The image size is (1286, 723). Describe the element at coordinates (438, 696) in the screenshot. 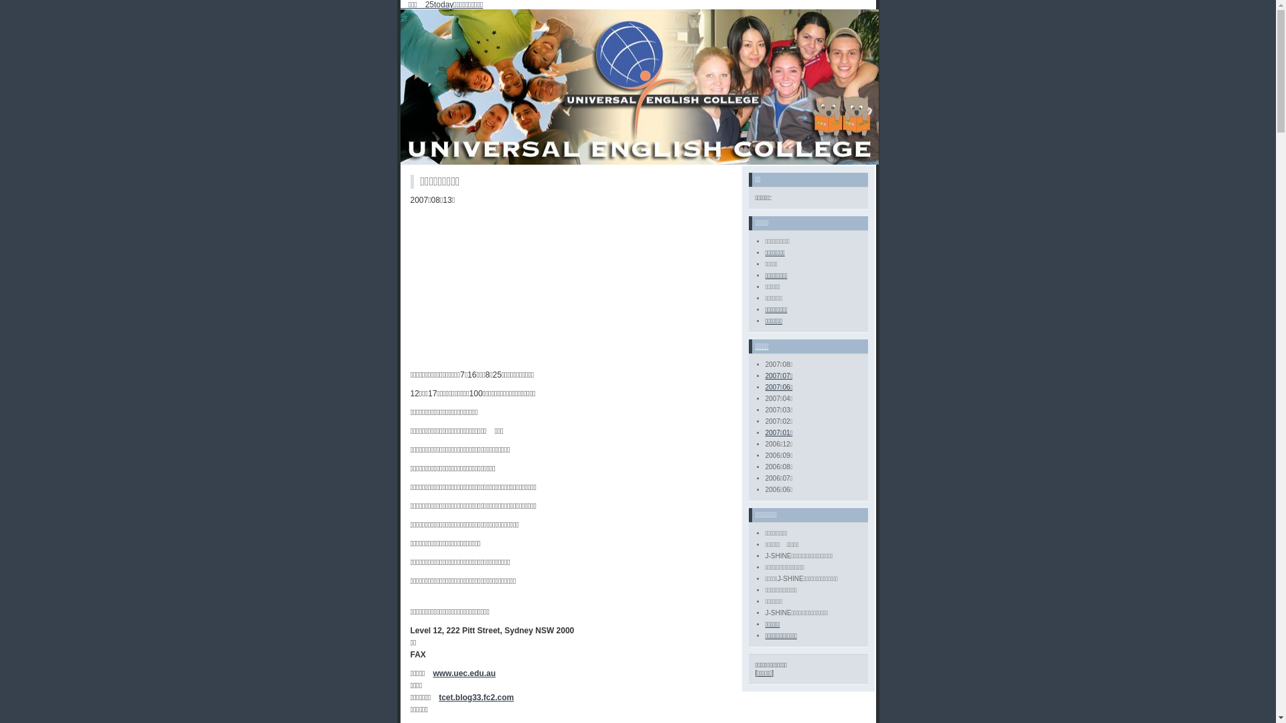

I see `'tcet.blog33.fc2.com'` at that location.